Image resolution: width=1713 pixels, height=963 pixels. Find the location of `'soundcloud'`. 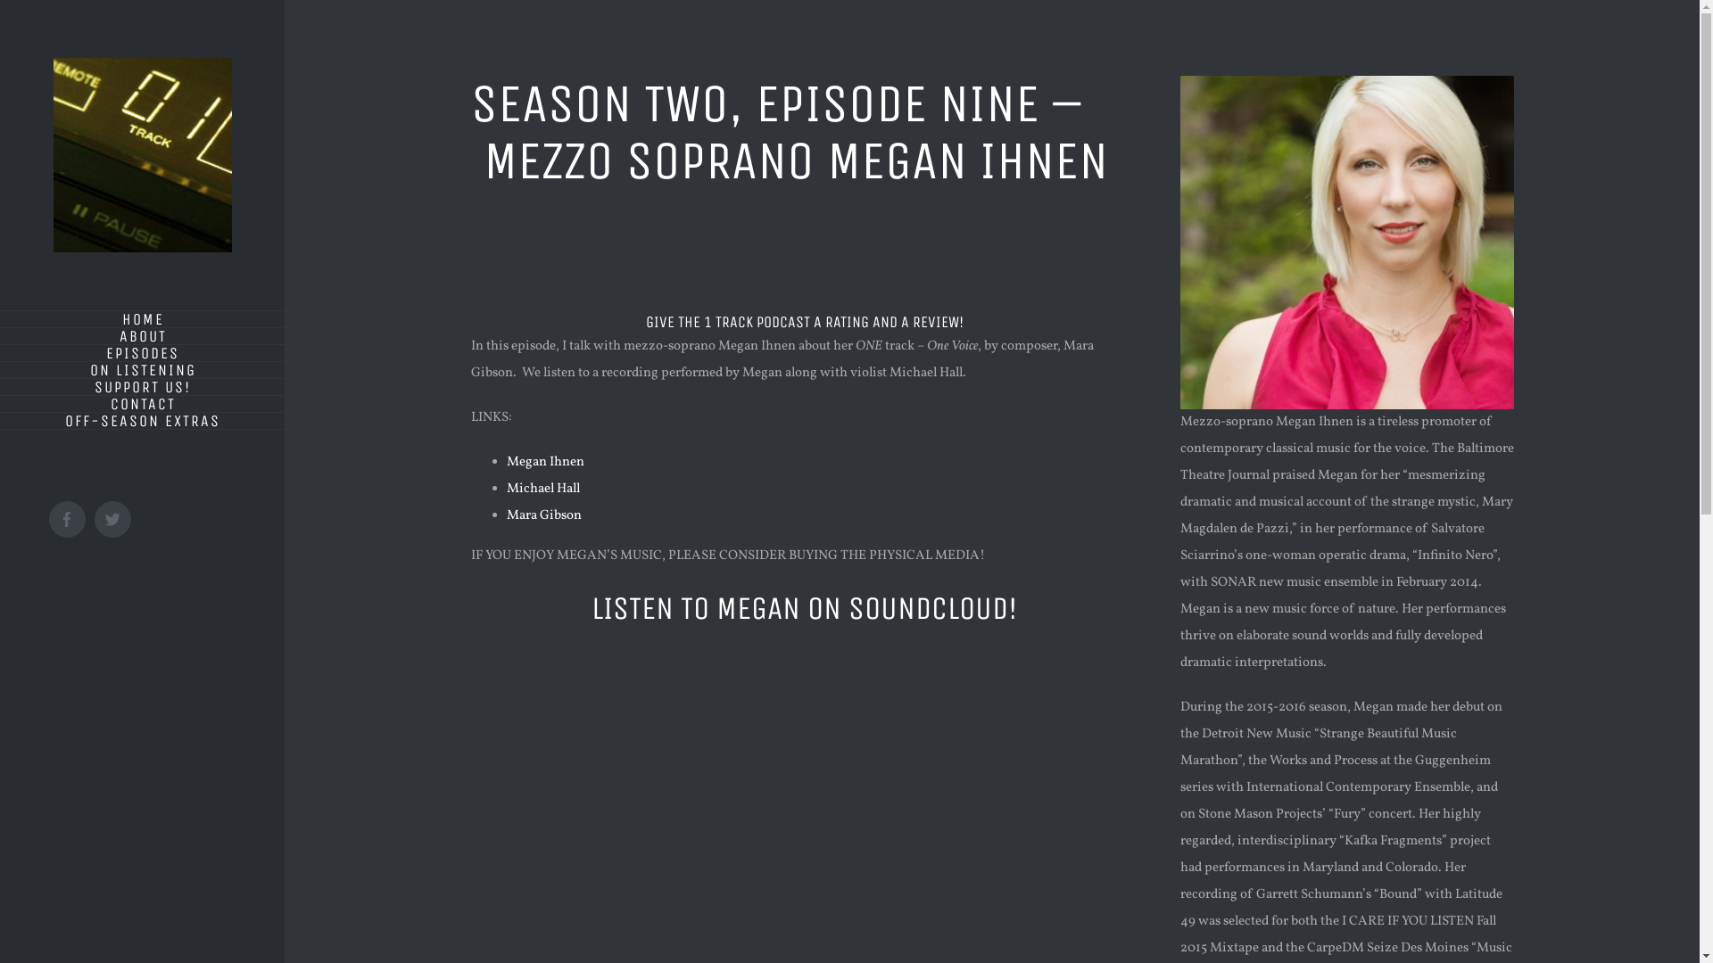

'soundcloud' is located at coordinates (471, 704).